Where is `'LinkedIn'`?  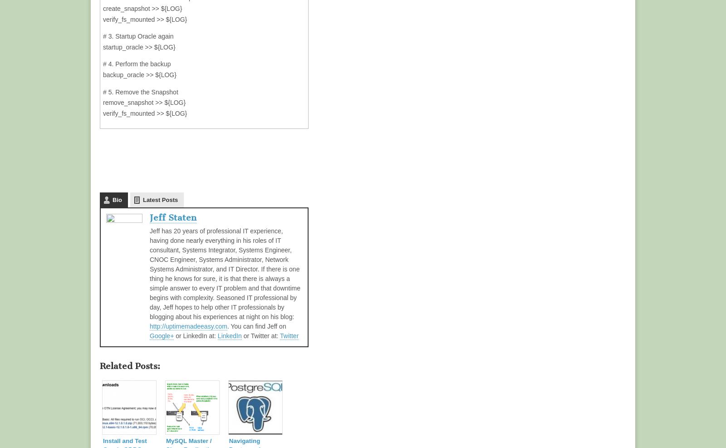 'LinkedIn' is located at coordinates (229, 335).